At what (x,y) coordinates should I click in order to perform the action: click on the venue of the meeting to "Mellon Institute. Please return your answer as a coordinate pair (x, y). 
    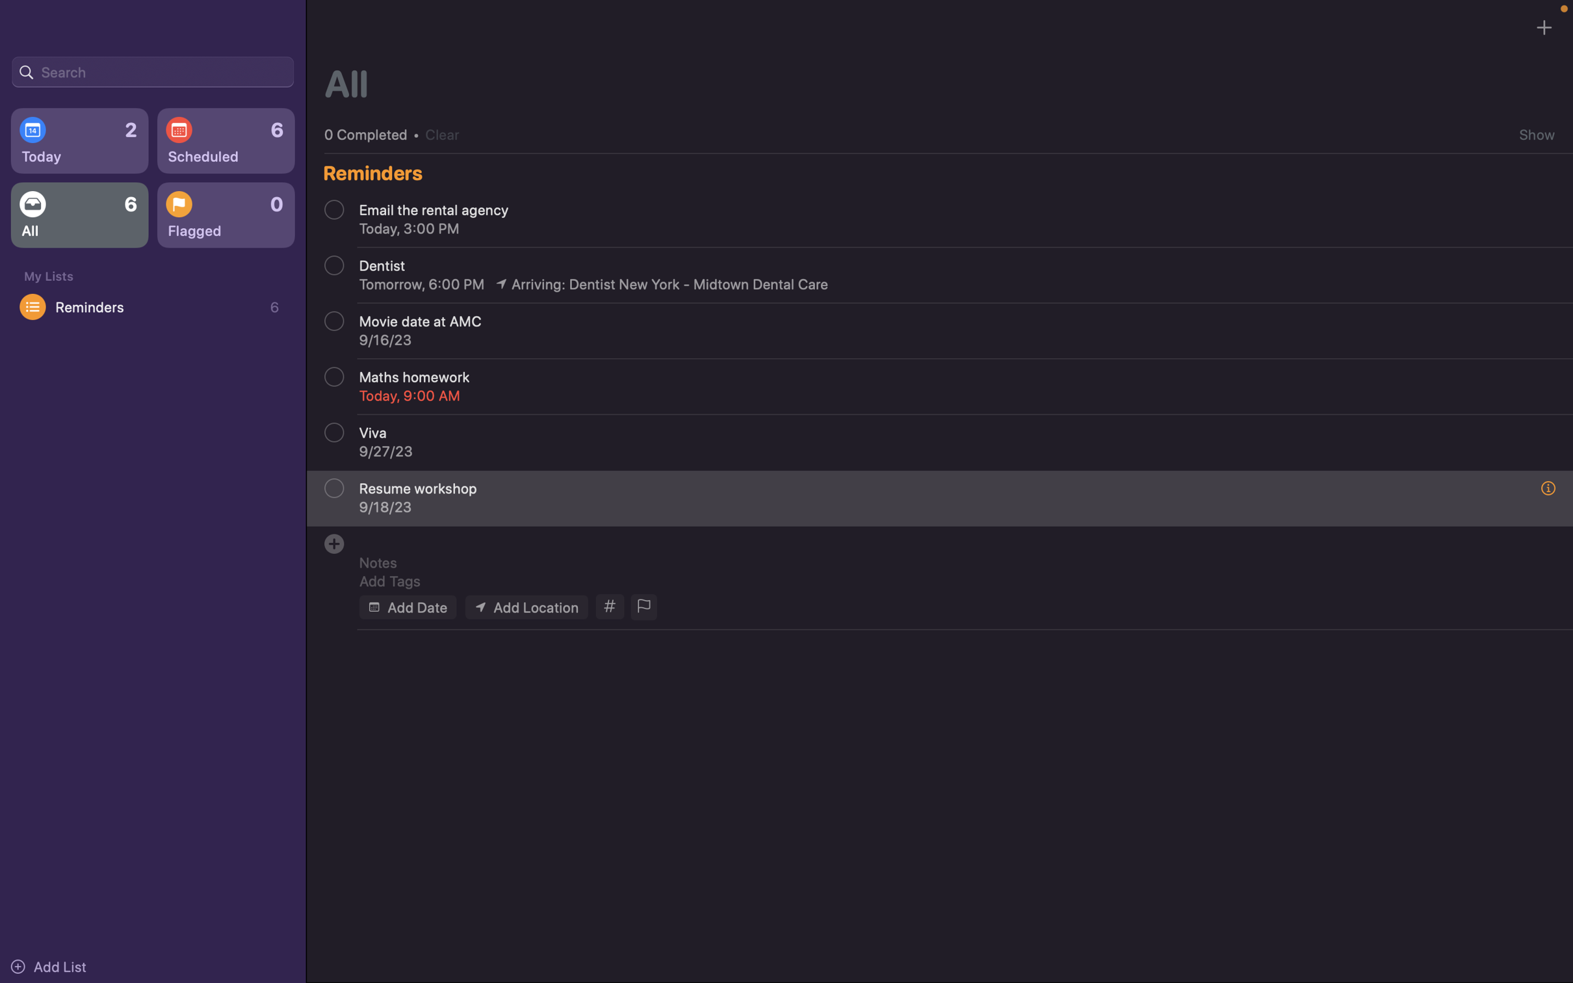
    Looking at the image, I should click on (525, 606).